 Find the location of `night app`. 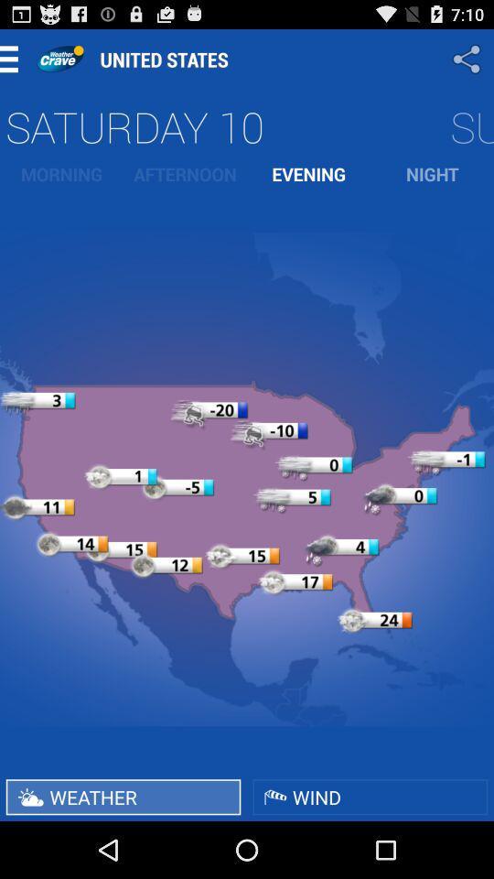

night app is located at coordinates (432, 174).